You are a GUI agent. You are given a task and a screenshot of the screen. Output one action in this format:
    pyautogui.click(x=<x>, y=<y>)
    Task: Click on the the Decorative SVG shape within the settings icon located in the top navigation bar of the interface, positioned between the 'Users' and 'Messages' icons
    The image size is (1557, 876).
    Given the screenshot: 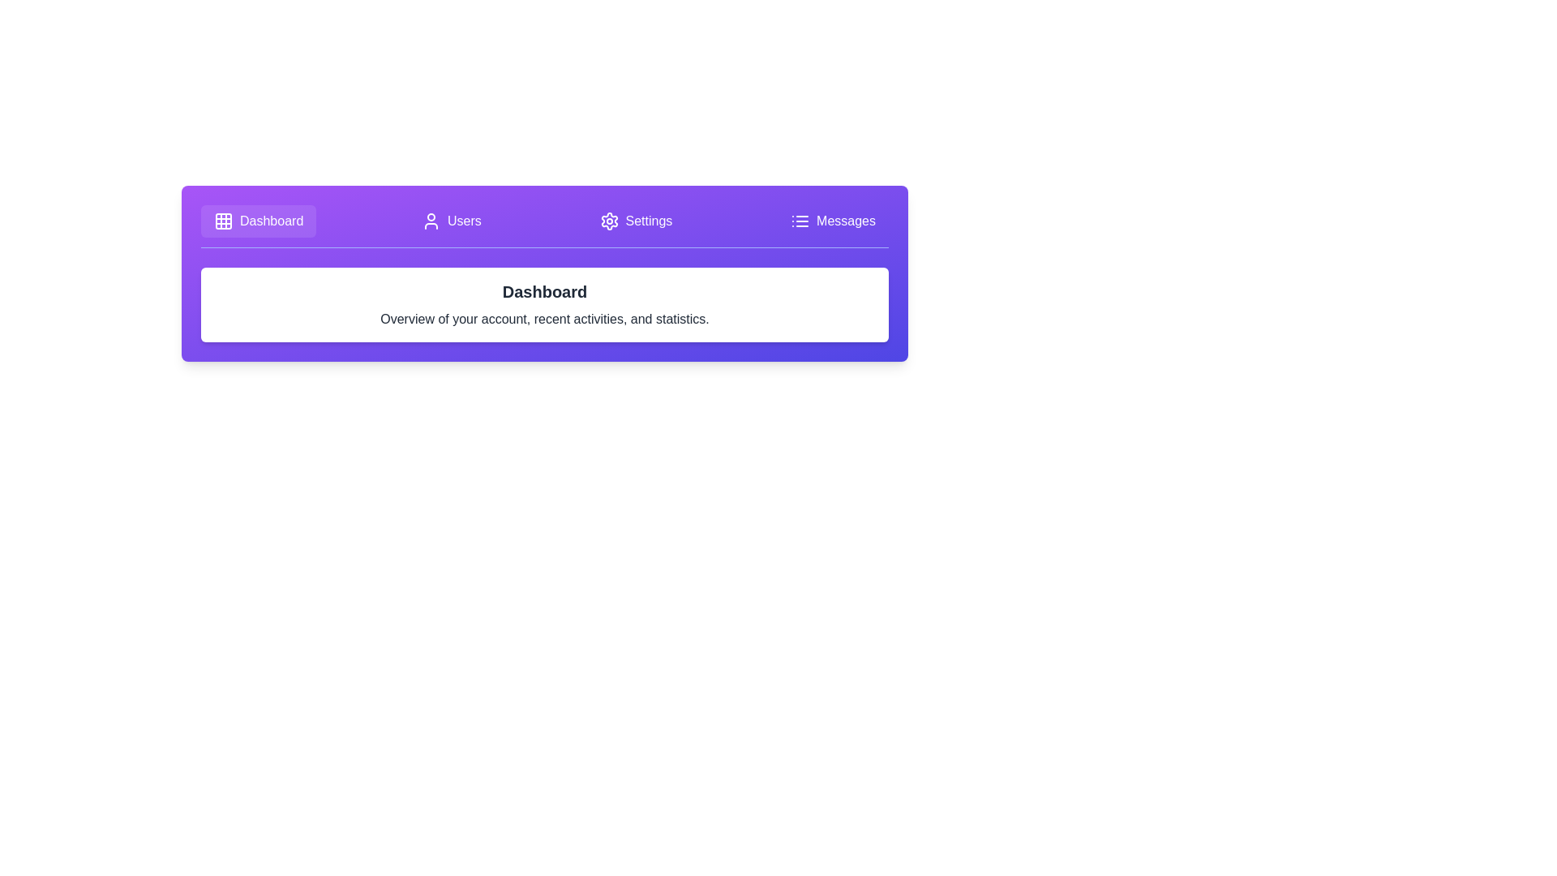 What is the action you would take?
    pyautogui.click(x=608, y=221)
    